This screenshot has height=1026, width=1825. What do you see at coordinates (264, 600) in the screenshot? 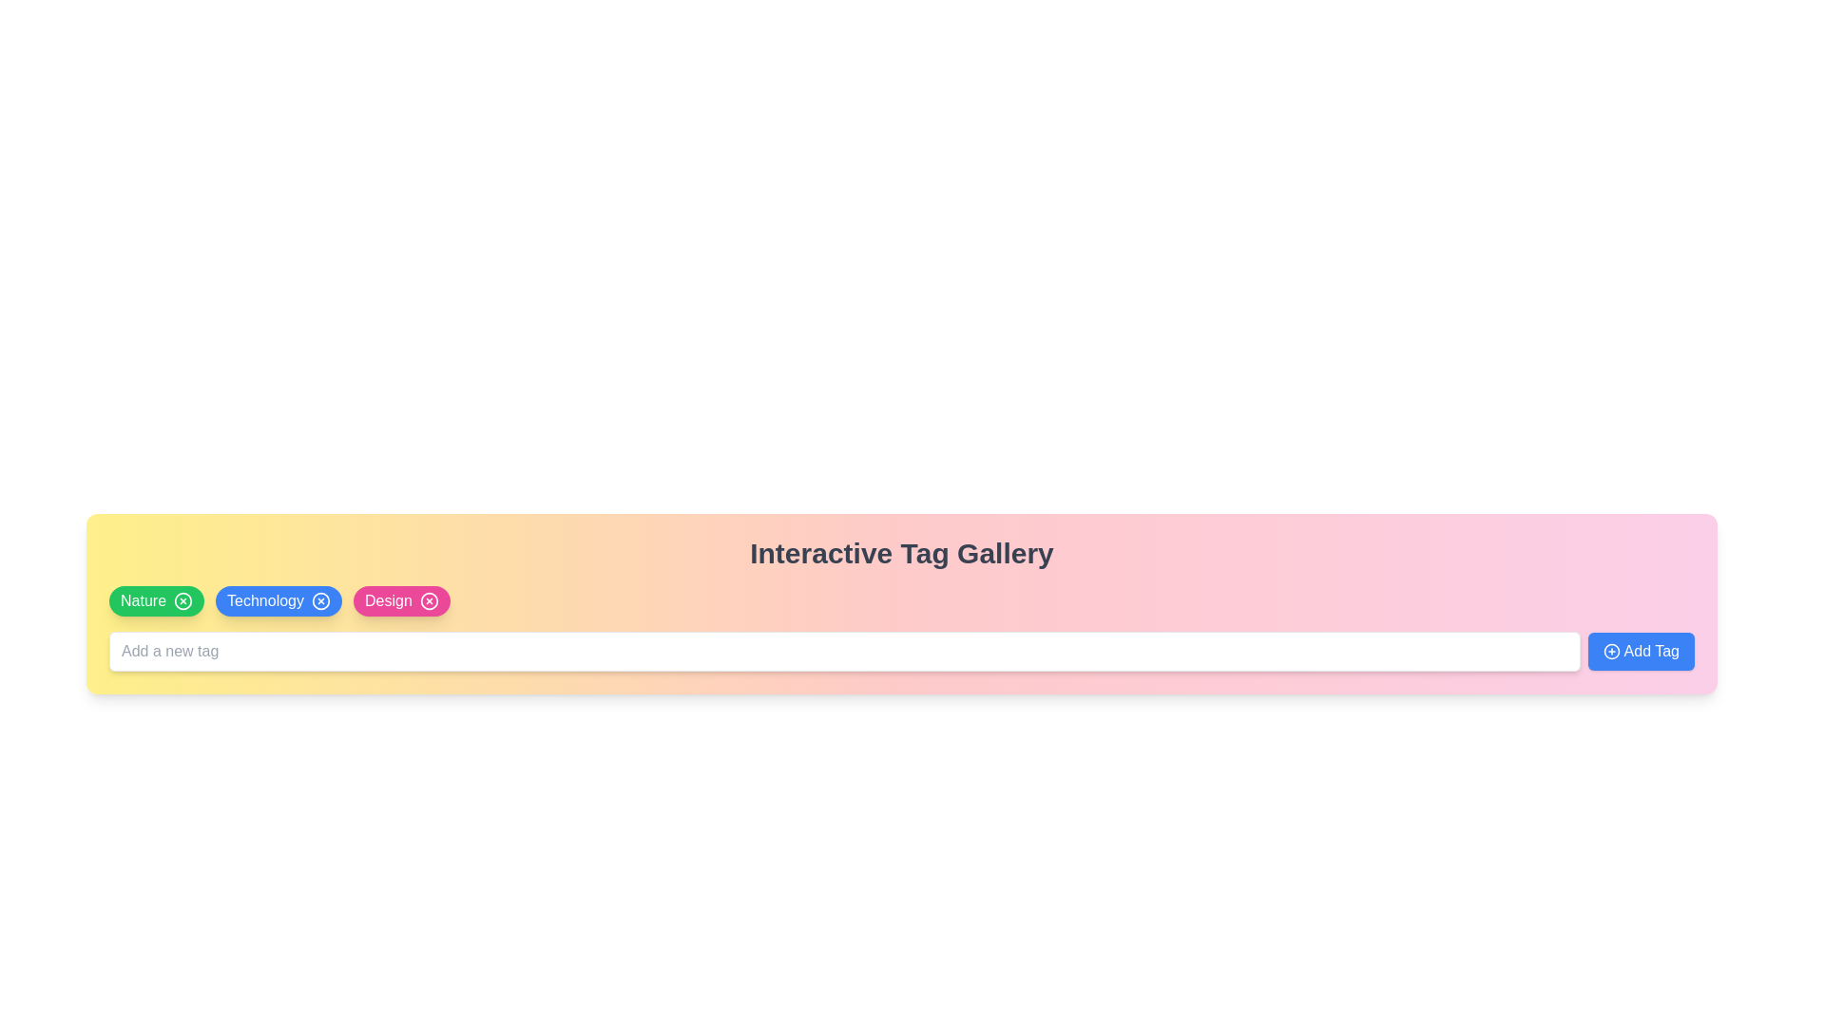
I see `the 'Technology' button, which is a pill-shaped button with a blue background and white text, located between the 'Nature' and 'Design' buttons at the top section of the UI panel` at bounding box center [264, 600].